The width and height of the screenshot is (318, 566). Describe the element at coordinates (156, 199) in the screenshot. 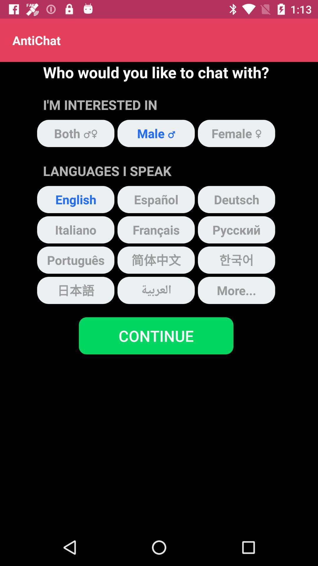

I see `the item below the languages i speak icon` at that location.